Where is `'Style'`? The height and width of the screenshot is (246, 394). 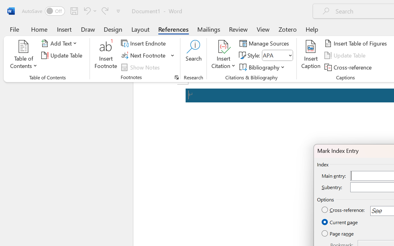 'Style' is located at coordinates (277, 55).